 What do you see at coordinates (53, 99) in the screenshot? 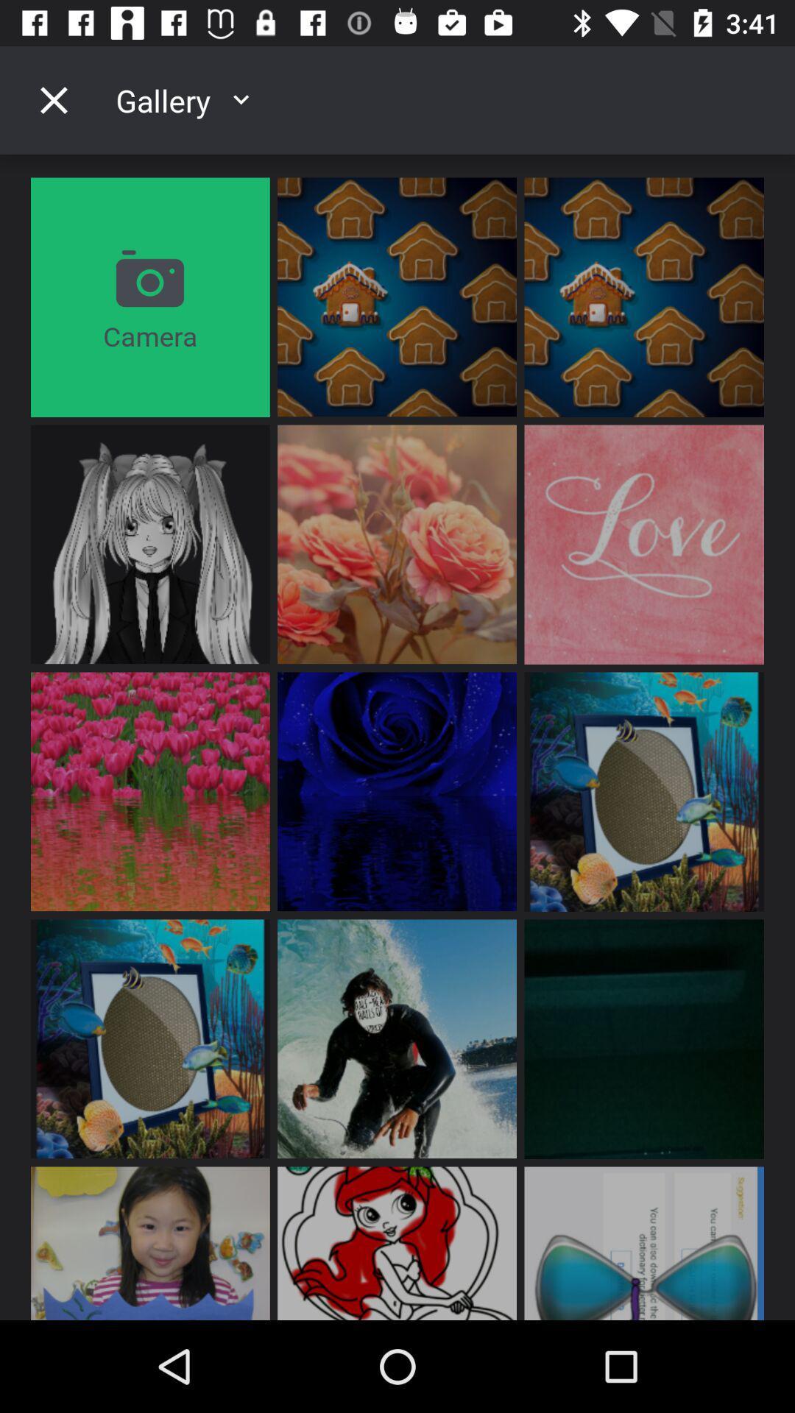
I see `gallery` at bounding box center [53, 99].